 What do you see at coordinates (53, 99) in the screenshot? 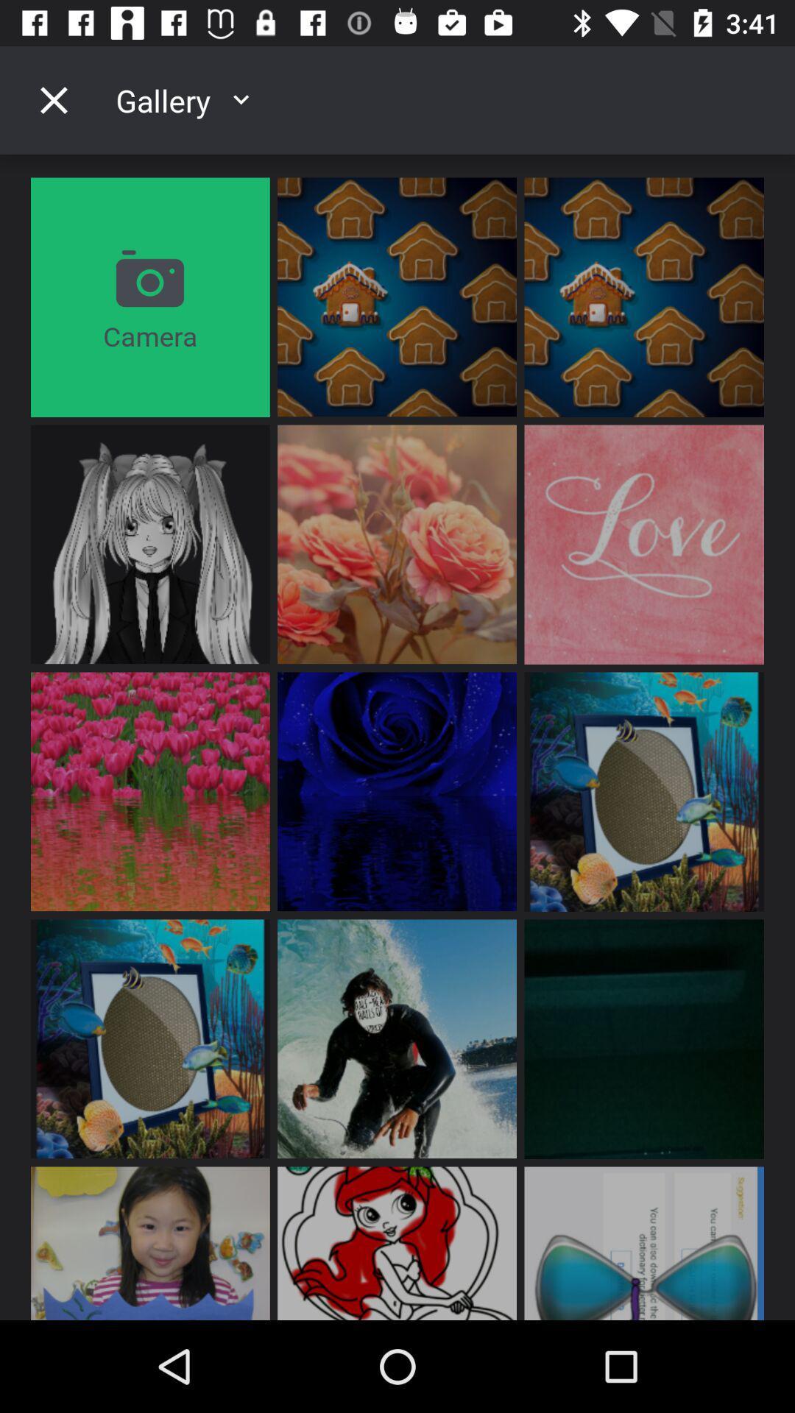
I see `gallery` at bounding box center [53, 99].